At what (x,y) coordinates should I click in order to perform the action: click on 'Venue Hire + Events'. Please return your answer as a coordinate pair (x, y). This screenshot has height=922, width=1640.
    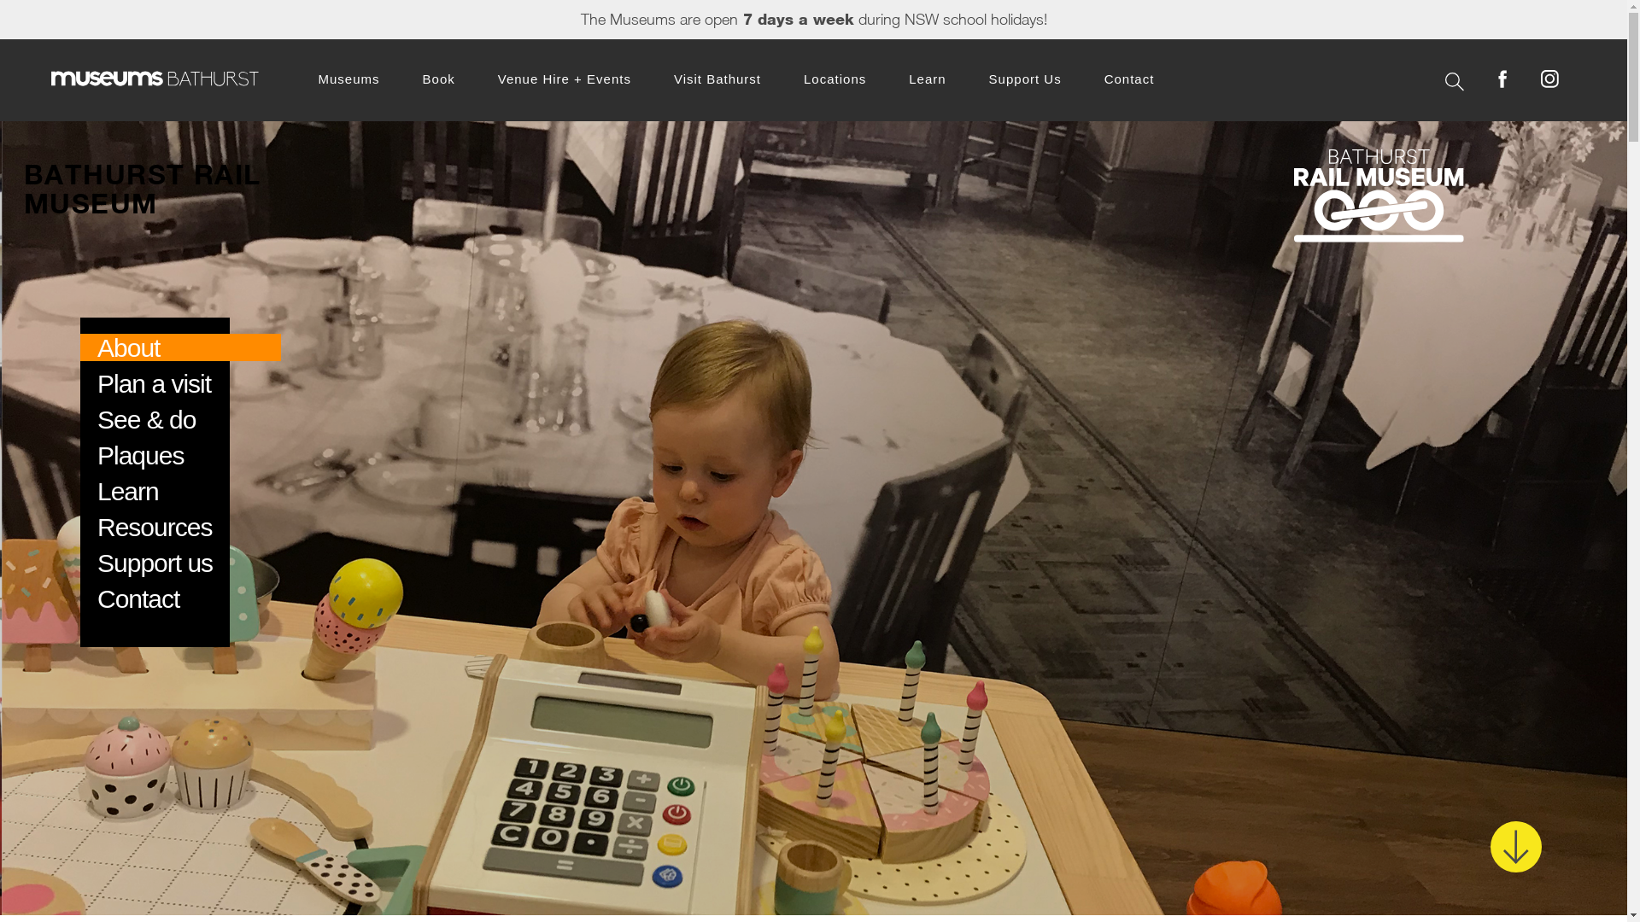
    Looking at the image, I should click on (565, 79).